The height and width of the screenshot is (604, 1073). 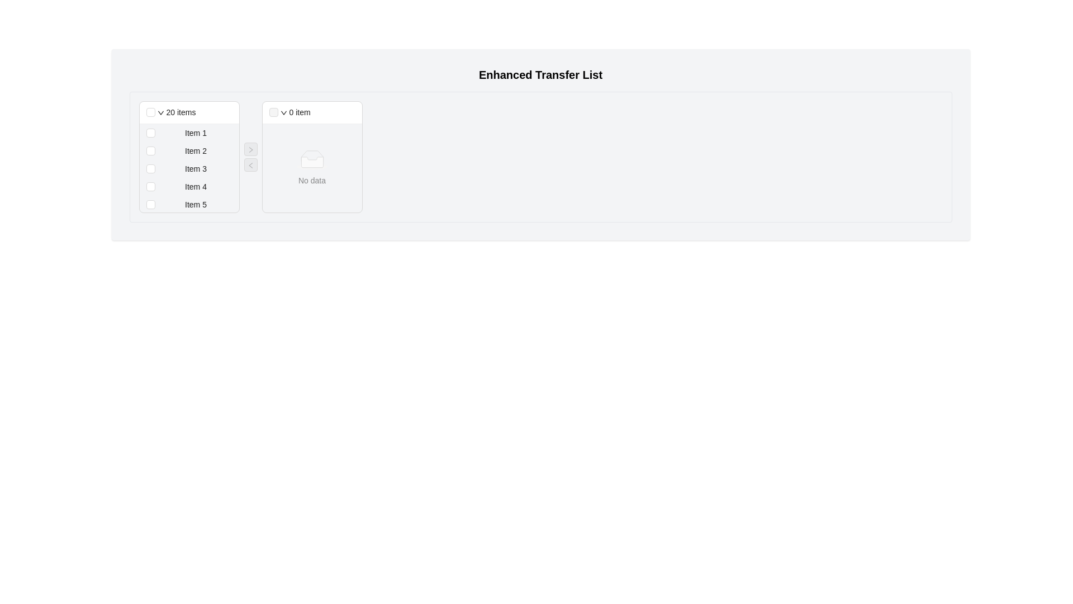 I want to click on the fifth list item with a checkbox located in the left-hand column, so click(x=189, y=205).